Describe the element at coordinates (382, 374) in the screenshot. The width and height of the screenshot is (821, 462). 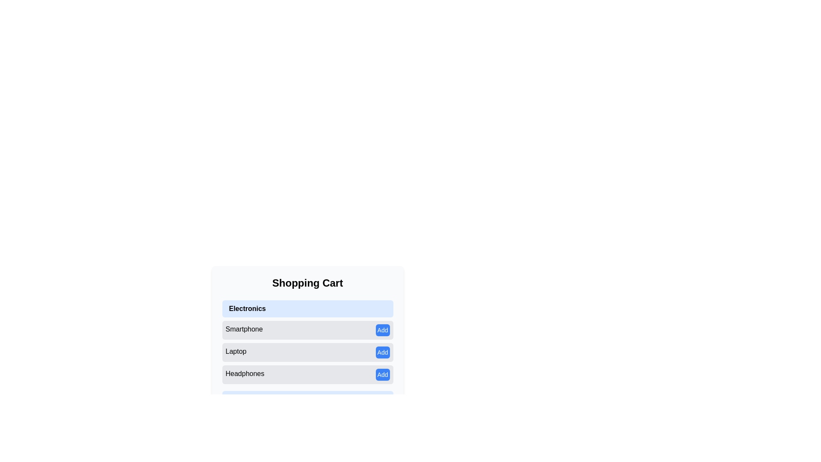
I see `the 'Add' button located at the bottom of the 'Shopping Cart' list, which has a blue background and bold white text` at that location.